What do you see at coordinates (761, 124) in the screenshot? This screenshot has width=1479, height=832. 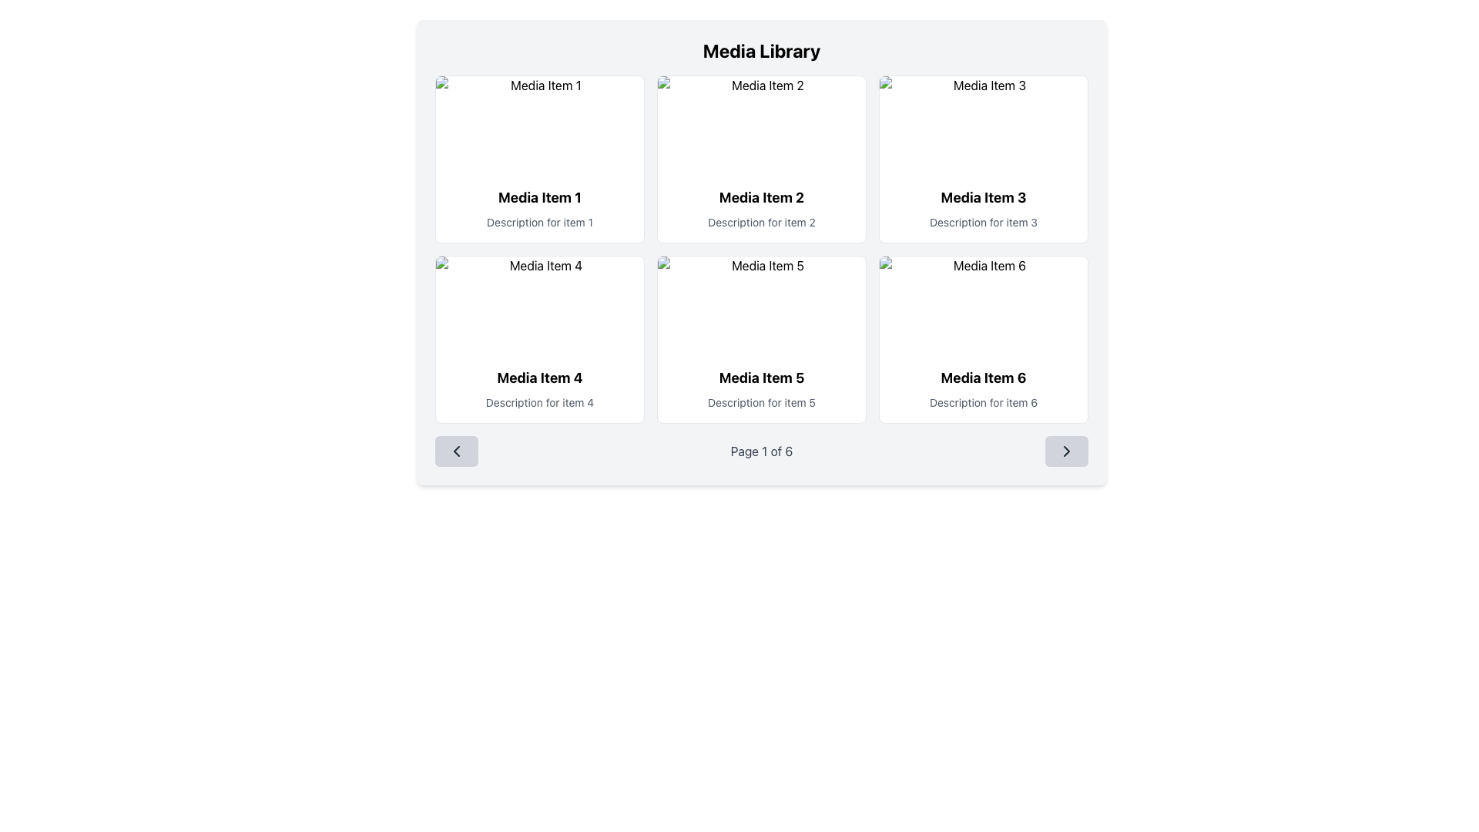 I see `the image displaying 'Item 2' in the card labeled 'Media Item 2', which is located in the middle column of the top row in a 3x2 grid layout` at bounding box center [761, 124].